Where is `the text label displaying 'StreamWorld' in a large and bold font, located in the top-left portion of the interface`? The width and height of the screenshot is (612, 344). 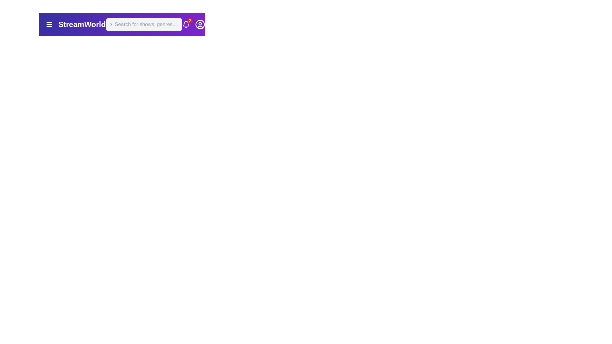
the text label displaying 'StreamWorld' in a large and bold font, located in the top-left portion of the interface is located at coordinates (82, 24).